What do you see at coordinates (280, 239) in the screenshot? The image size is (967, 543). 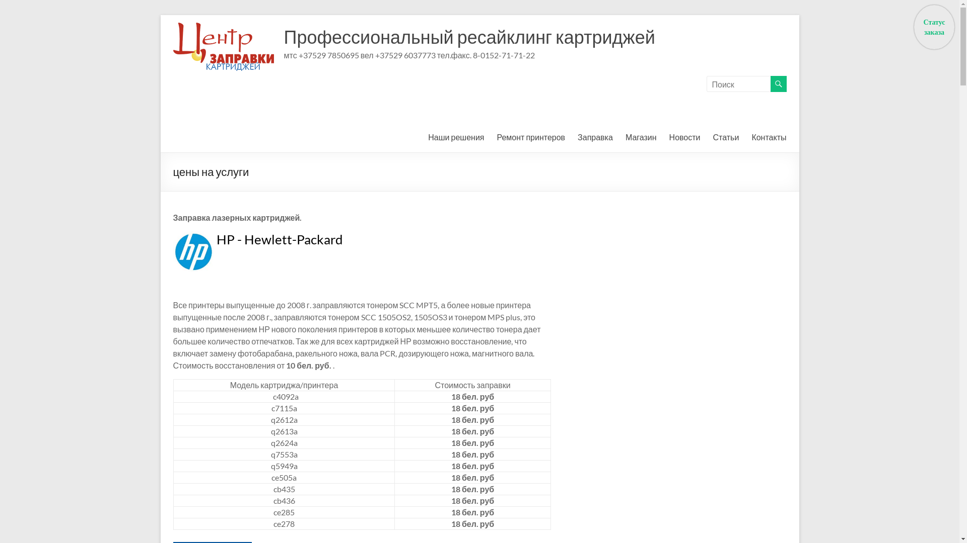 I see `'HP - Hewlett-Packard'` at bounding box center [280, 239].